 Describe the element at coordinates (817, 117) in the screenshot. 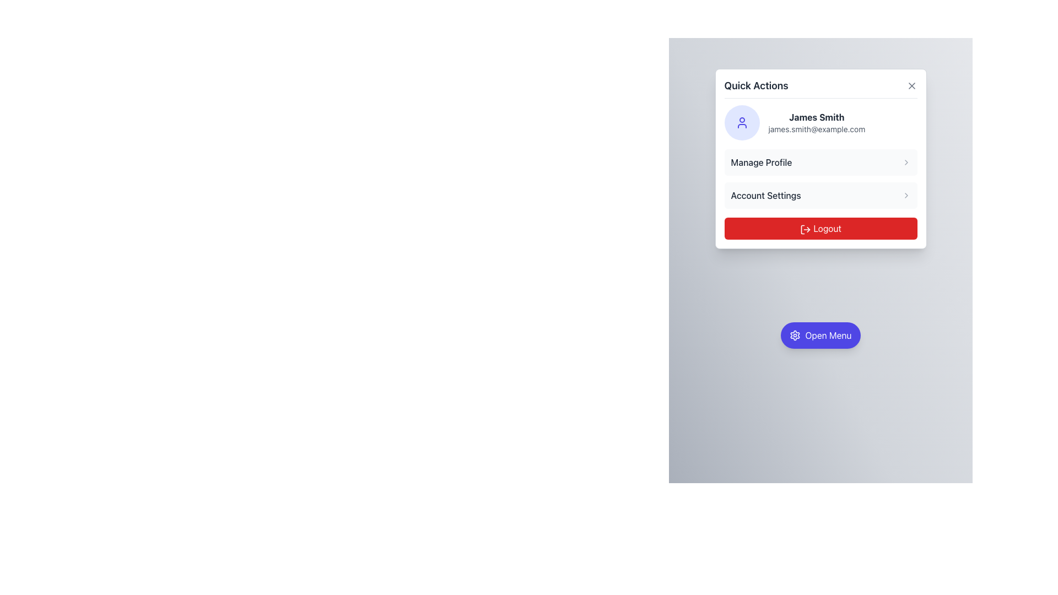

I see `the text label displaying 'James Smith' in bold, dark gray color, located prominently in the upper section of the card under 'Quick Actions'` at that location.